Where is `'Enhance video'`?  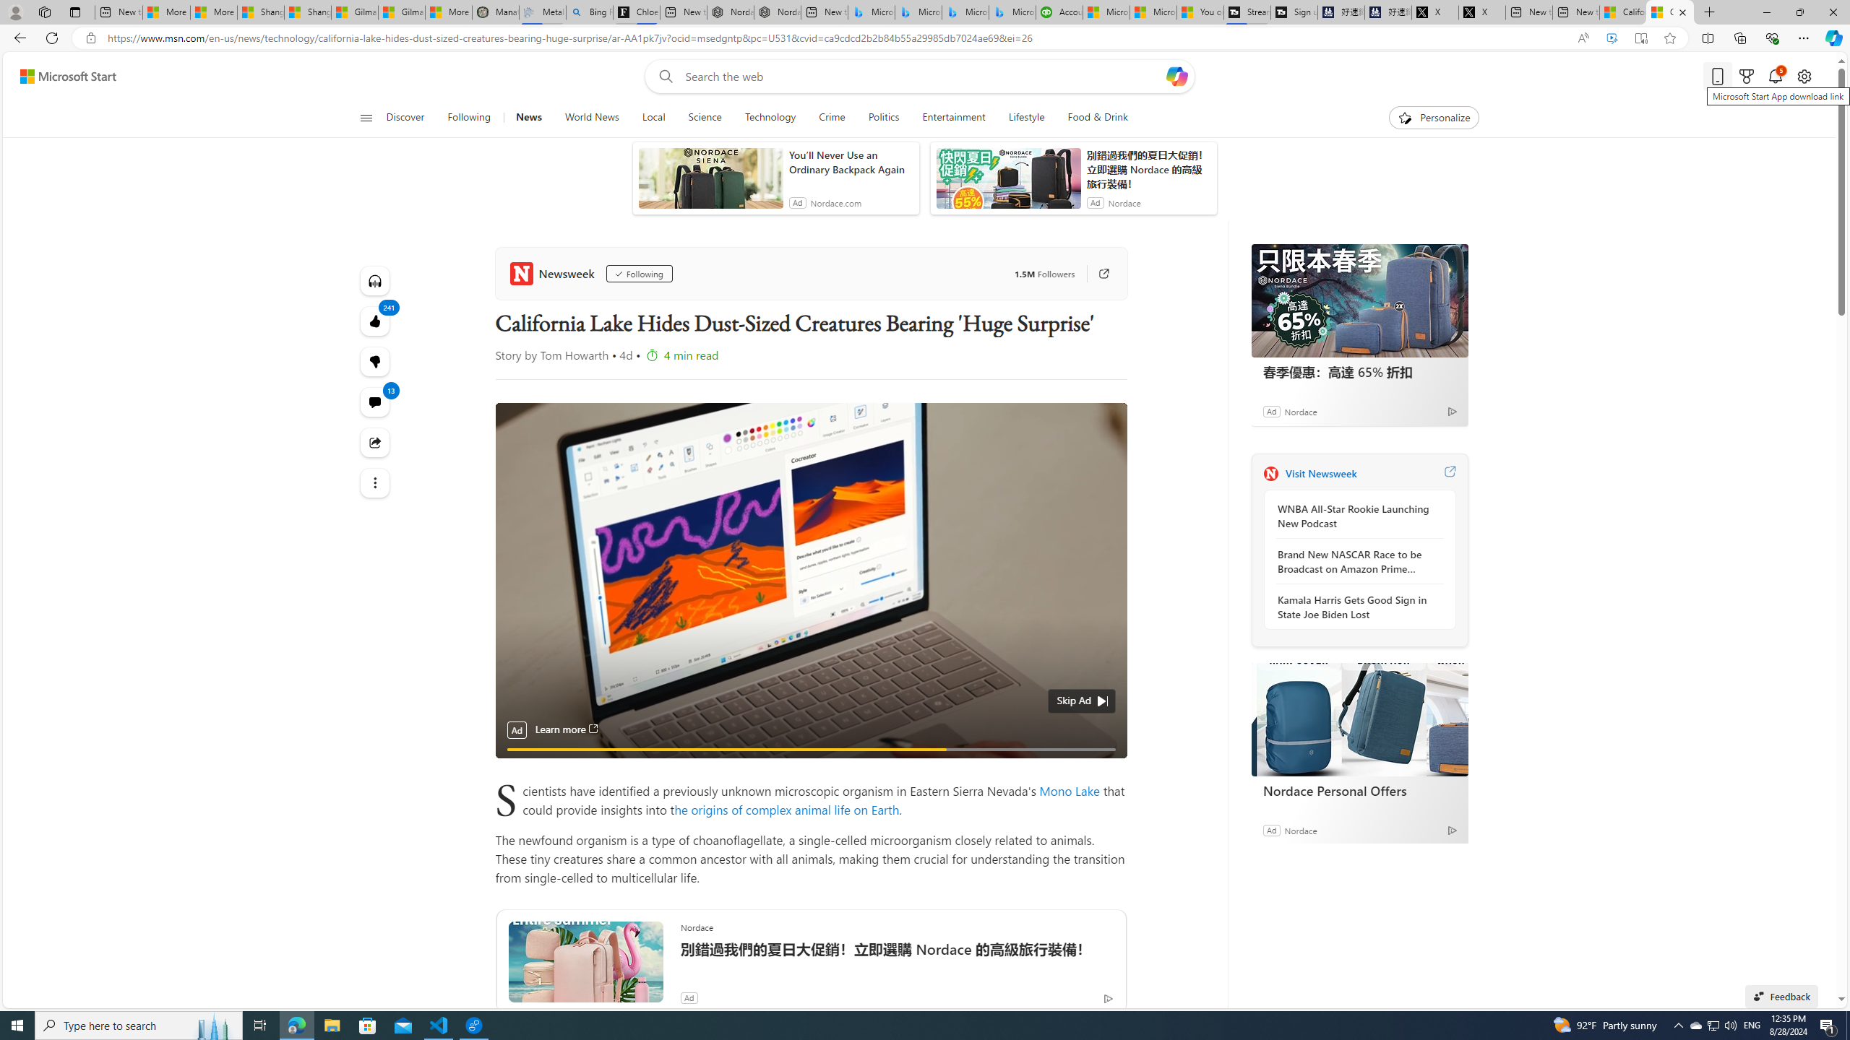 'Enhance video' is located at coordinates (1612, 38).